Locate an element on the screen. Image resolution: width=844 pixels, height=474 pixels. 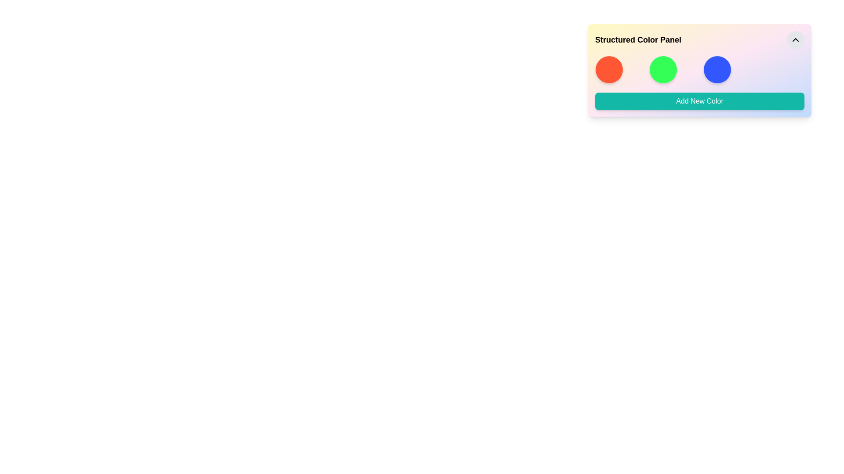
the circular button with a light gray background and an upward arrow icon in the top-right corner of the 'Structured Color Panel' is located at coordinates (795, 40).